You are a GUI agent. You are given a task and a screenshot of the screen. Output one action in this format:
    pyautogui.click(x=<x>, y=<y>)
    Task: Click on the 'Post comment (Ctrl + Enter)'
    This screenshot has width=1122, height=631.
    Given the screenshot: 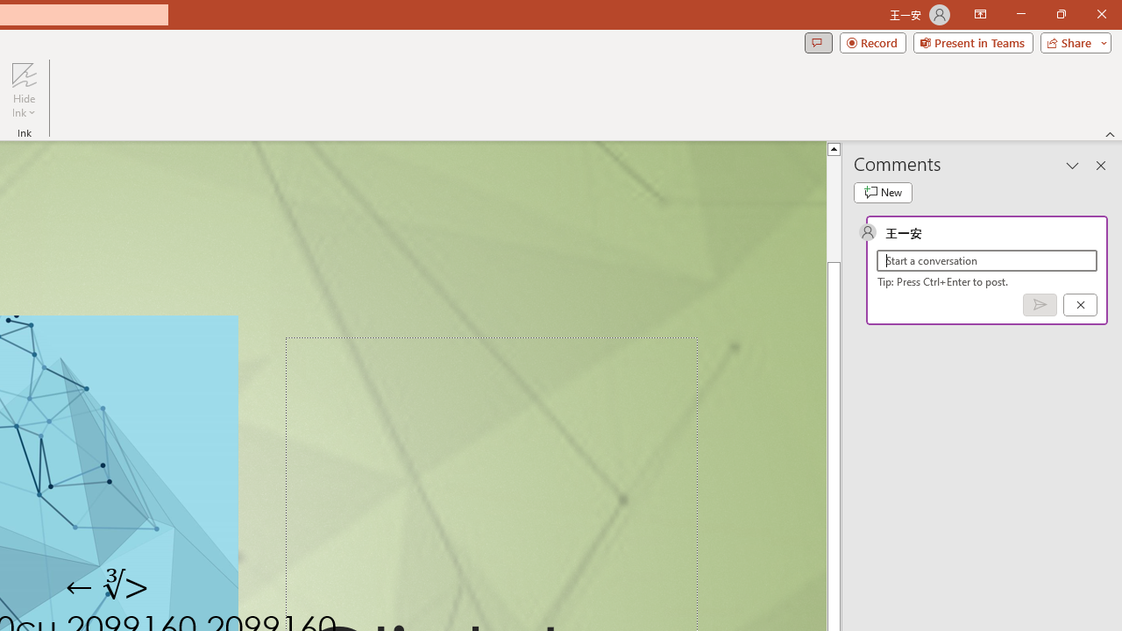 What is the action you would take?
    pyautogui.click(x=1040, y=303)
    